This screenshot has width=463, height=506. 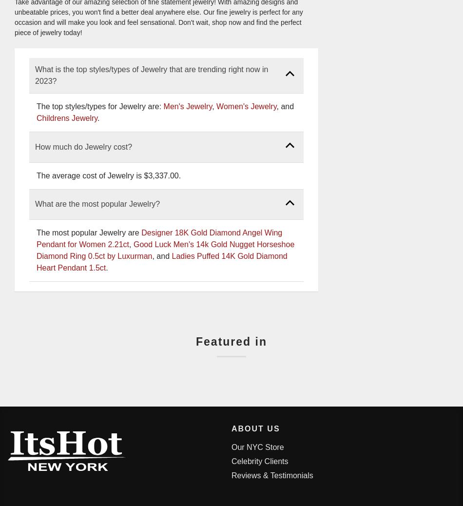 I want to click on 'The most popular Jewelry are', so click(x=36, y=233).